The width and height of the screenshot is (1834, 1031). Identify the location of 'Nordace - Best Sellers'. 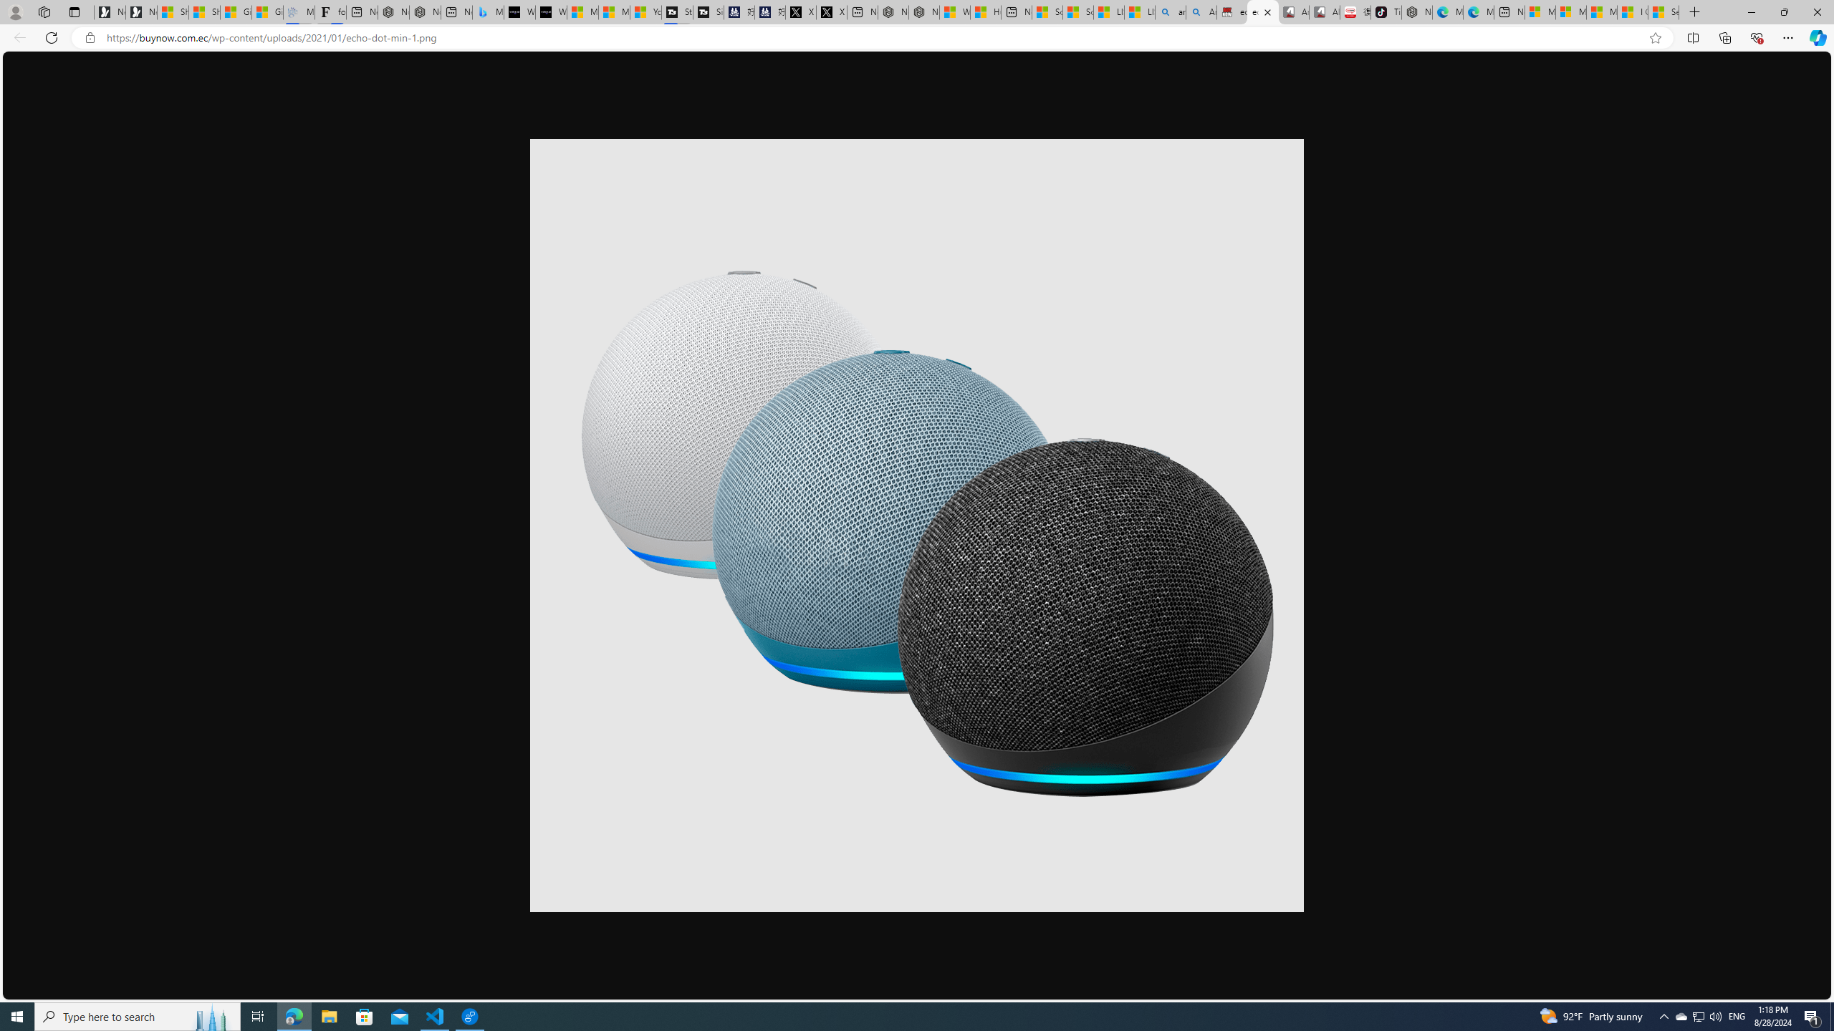
(1416, 11).